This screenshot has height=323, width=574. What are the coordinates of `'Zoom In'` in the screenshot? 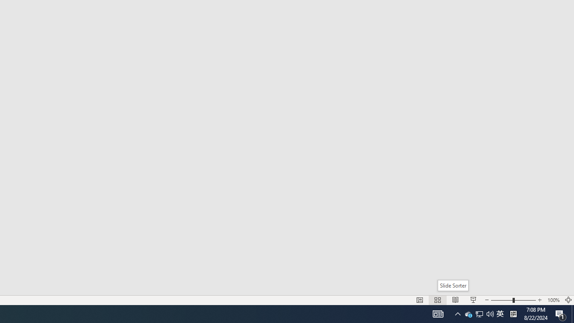 It's located at (539, 300).